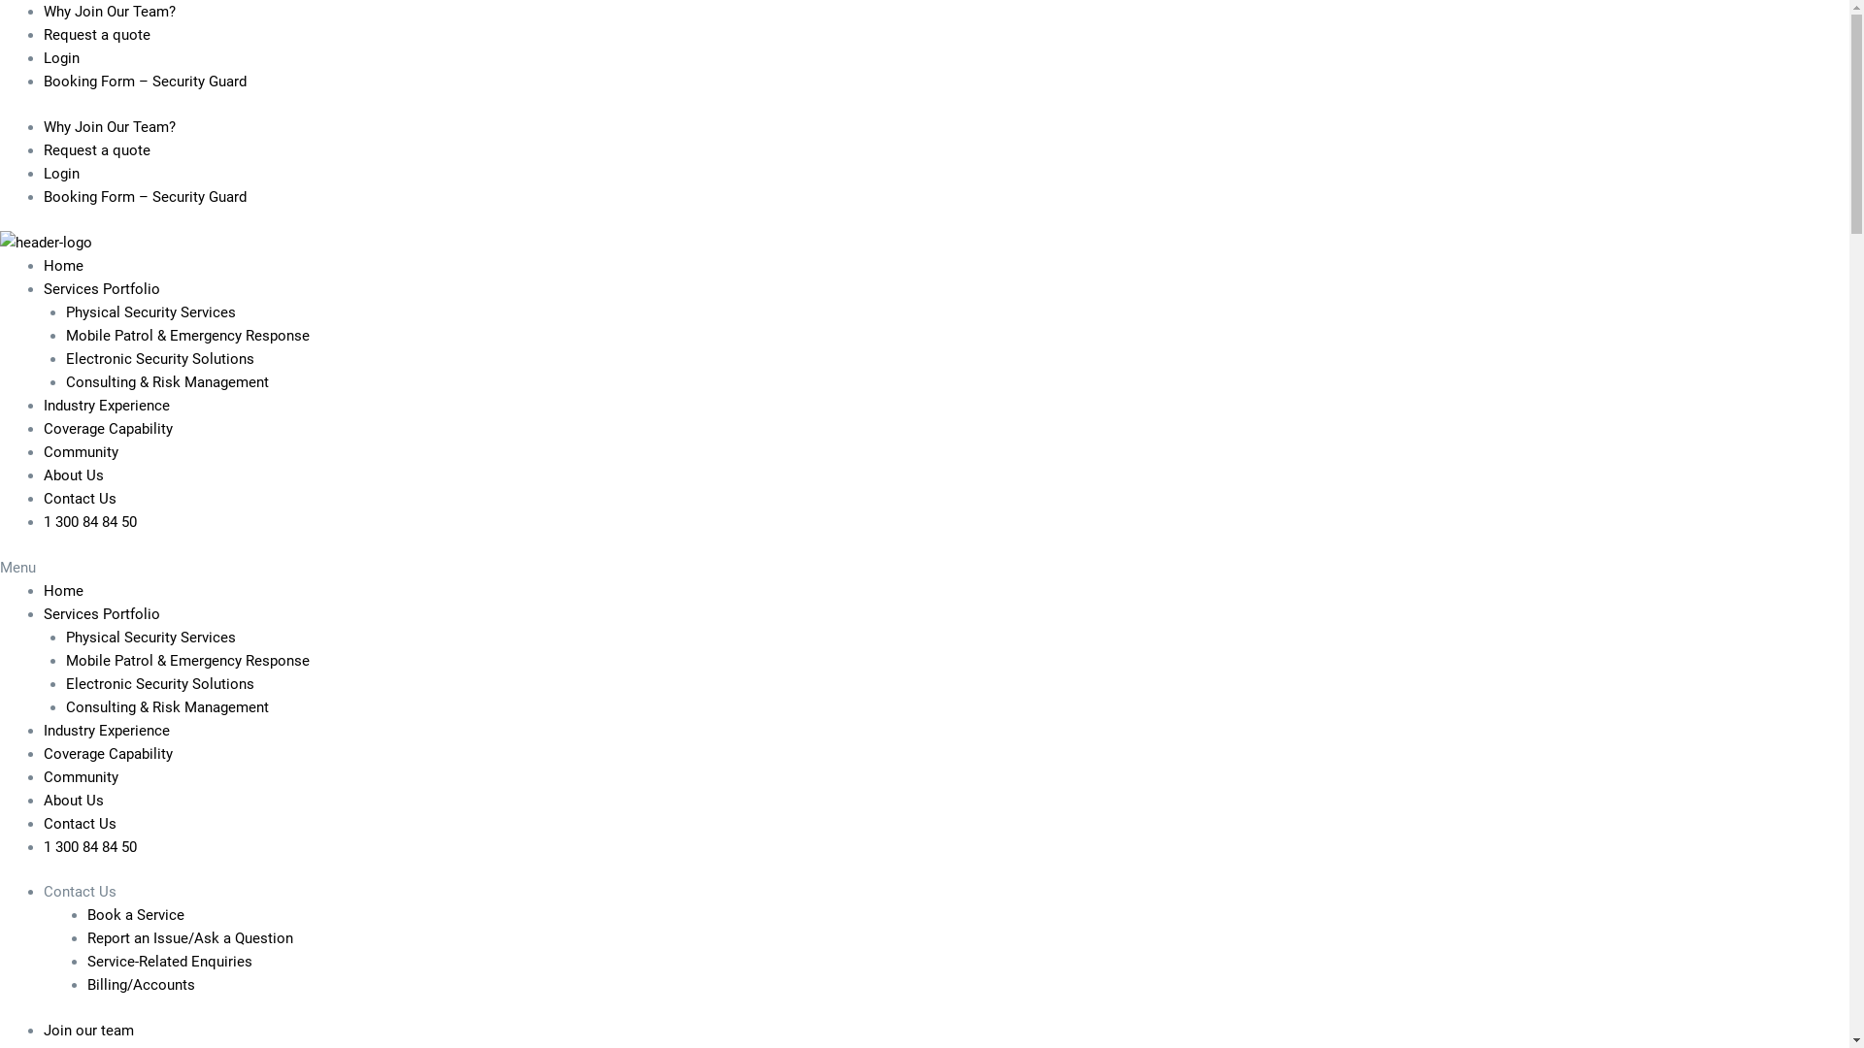 This screenshot has height=1048, width=1864. I want to click on 'Login', so click(61, 57).